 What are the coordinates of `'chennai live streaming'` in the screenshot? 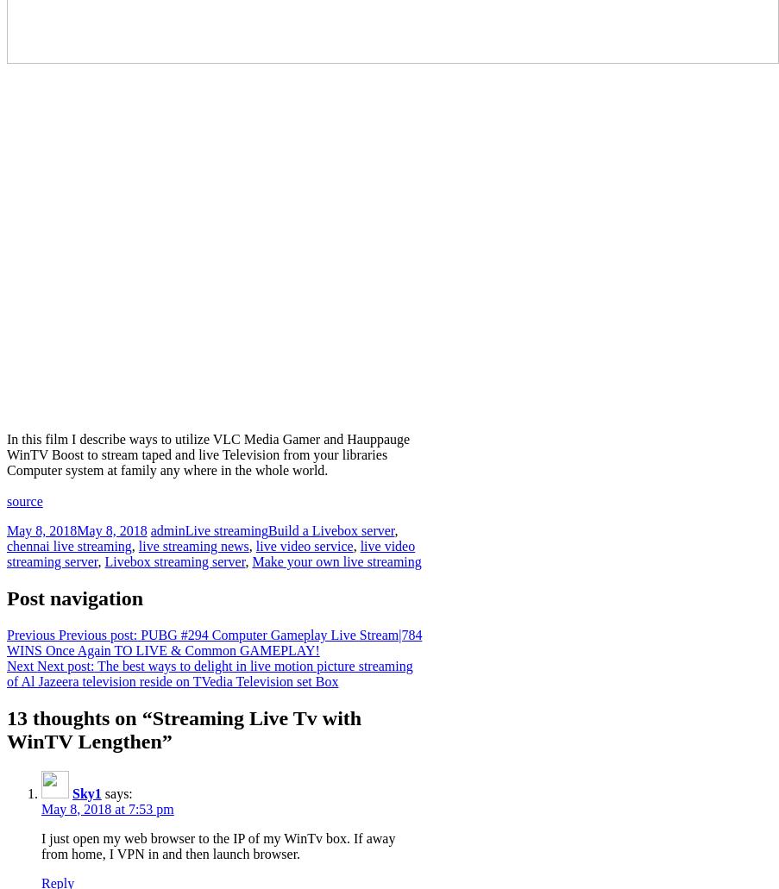 It's located at (69, 545).